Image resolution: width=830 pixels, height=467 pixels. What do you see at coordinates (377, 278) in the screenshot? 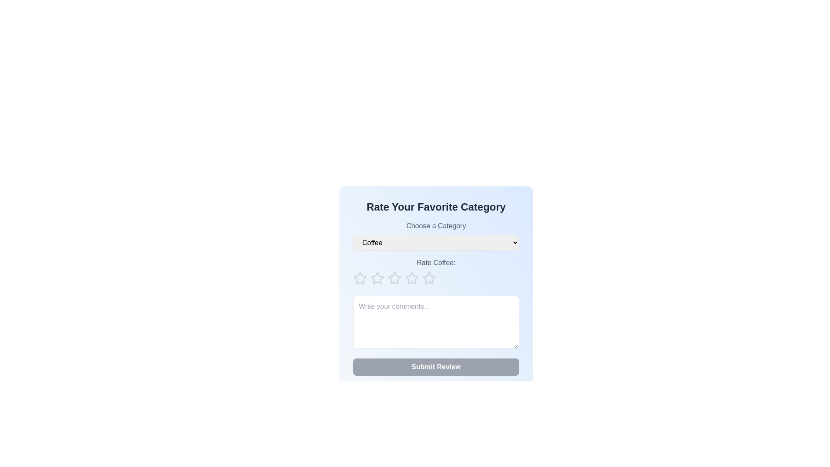
I see `the third star-shaped icon from the left in the row of five-star icons under the 'Rate Coffee:' label` at bounding box center [377, 278].